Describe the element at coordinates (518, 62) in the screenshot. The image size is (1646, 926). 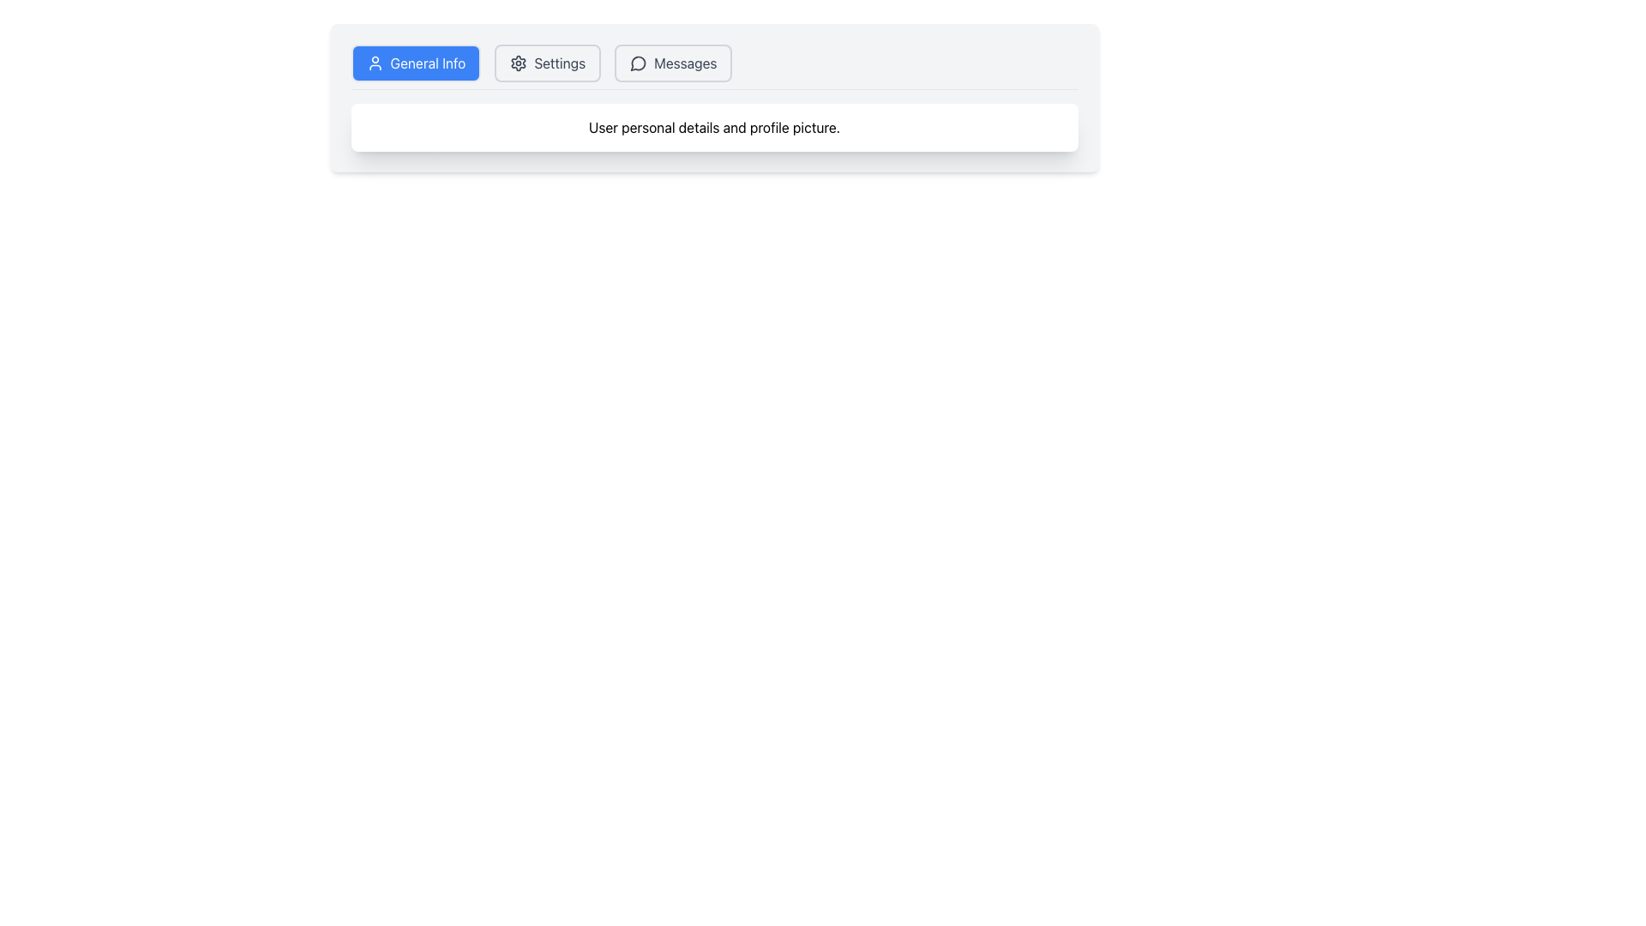
I see `the gear icon that represents the settings option in the interface, which is located to the left of the 'Settings' text label` at that location.